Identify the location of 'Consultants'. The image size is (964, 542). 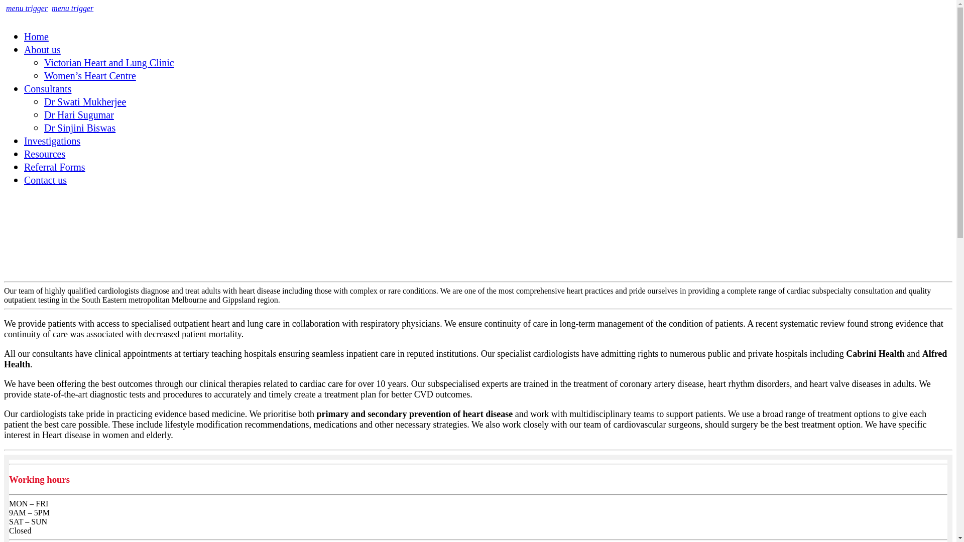
(47, 88).